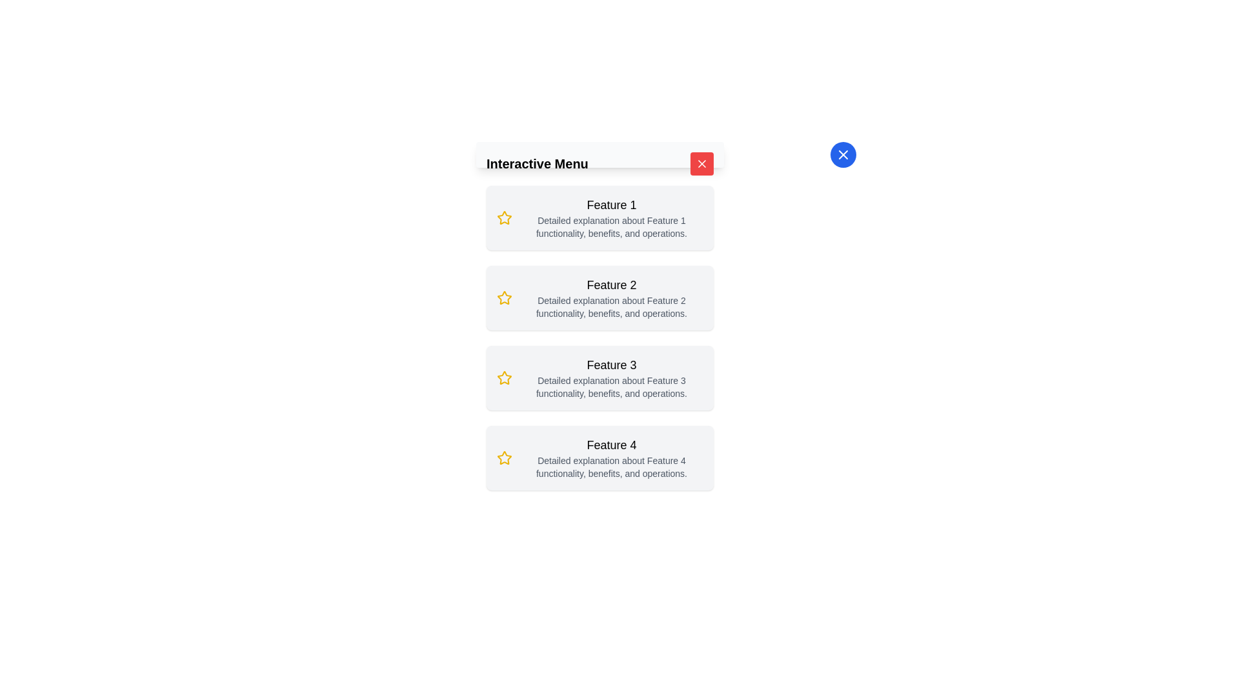 This screenshot has width=1239, height=697. What do you see at coordinates (504, 217) in the screenshot?
I see `the yellow star icon with a hollow center, which is the first in a vertical list of four similar star icons located on the left side of the interface` at bounding box center [504, 217].